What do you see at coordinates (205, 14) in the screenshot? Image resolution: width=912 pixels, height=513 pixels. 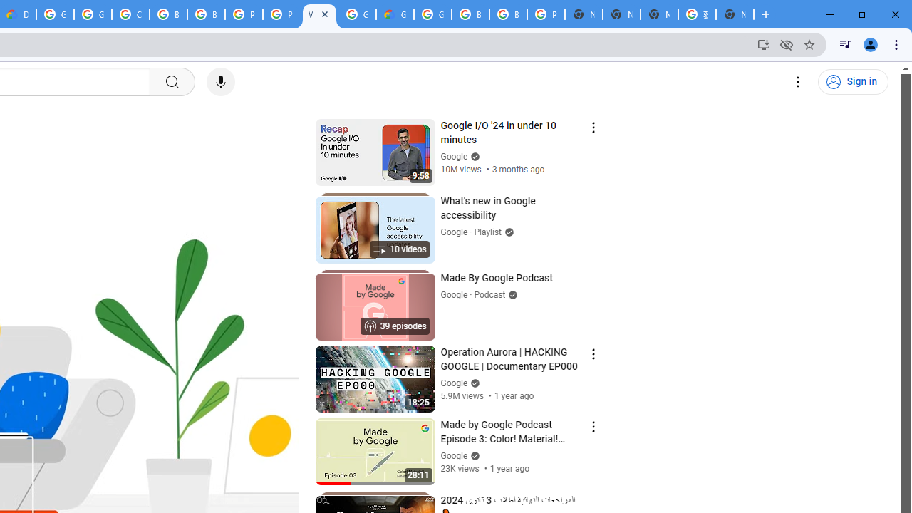 I see `'Browse Chrome as a guest - Computer - Google Chrome Help'` at bounding box center [205, 14].